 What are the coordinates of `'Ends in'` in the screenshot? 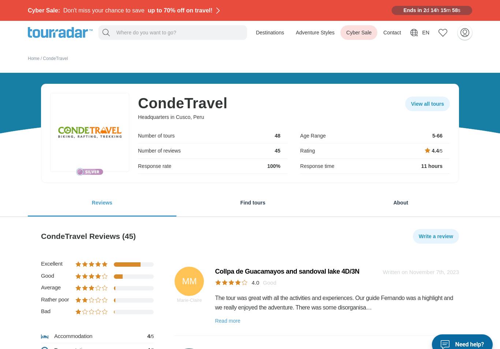 It's located at (412, 10).